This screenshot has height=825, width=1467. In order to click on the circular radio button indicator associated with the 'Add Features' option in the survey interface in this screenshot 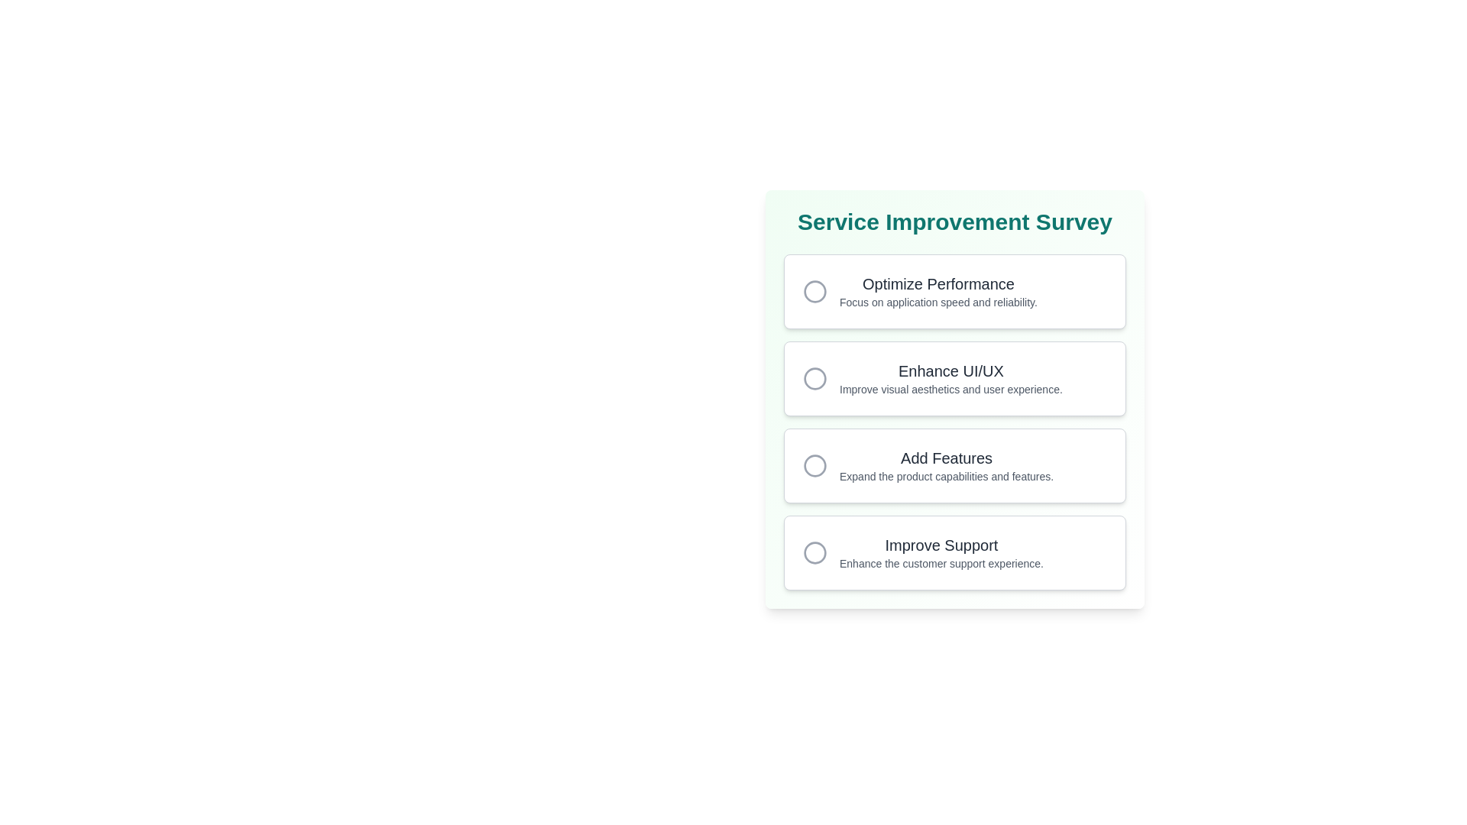, I will do `click(814, 464)`.